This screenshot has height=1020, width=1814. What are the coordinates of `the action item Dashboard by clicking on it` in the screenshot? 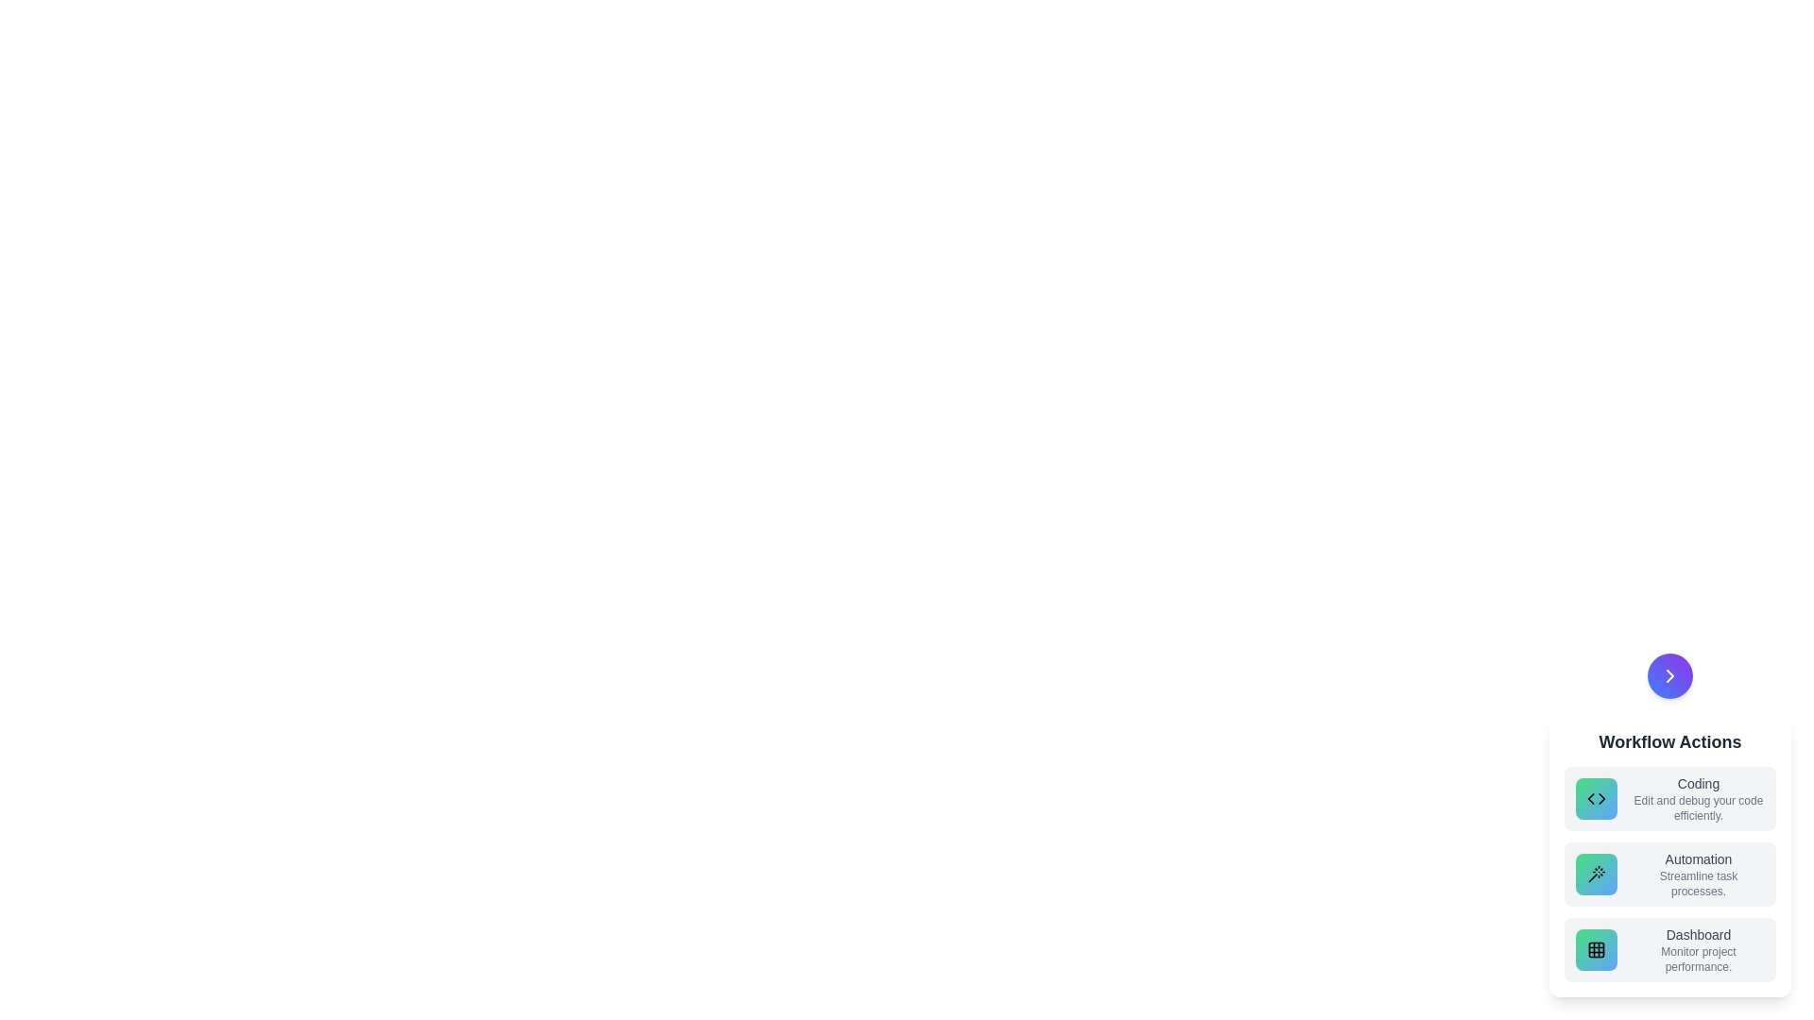 It's located at (1669, 950).